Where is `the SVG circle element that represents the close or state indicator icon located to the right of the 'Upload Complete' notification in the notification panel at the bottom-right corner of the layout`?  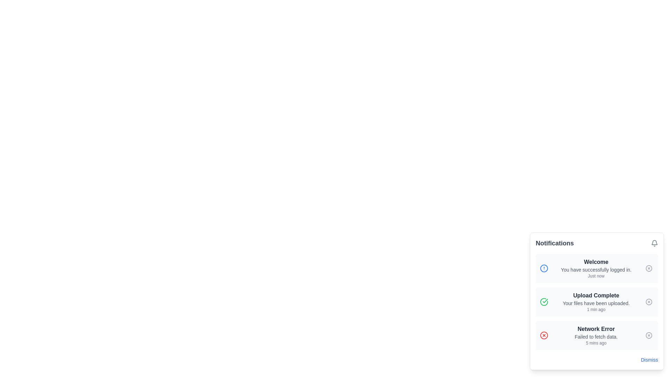
the SVG circle element that represents the close or state indicator icon located to the right of the 'Upload Complete' notification in the notification panel at the bottom-right corner of the layout is located at coordinates (649, 301).